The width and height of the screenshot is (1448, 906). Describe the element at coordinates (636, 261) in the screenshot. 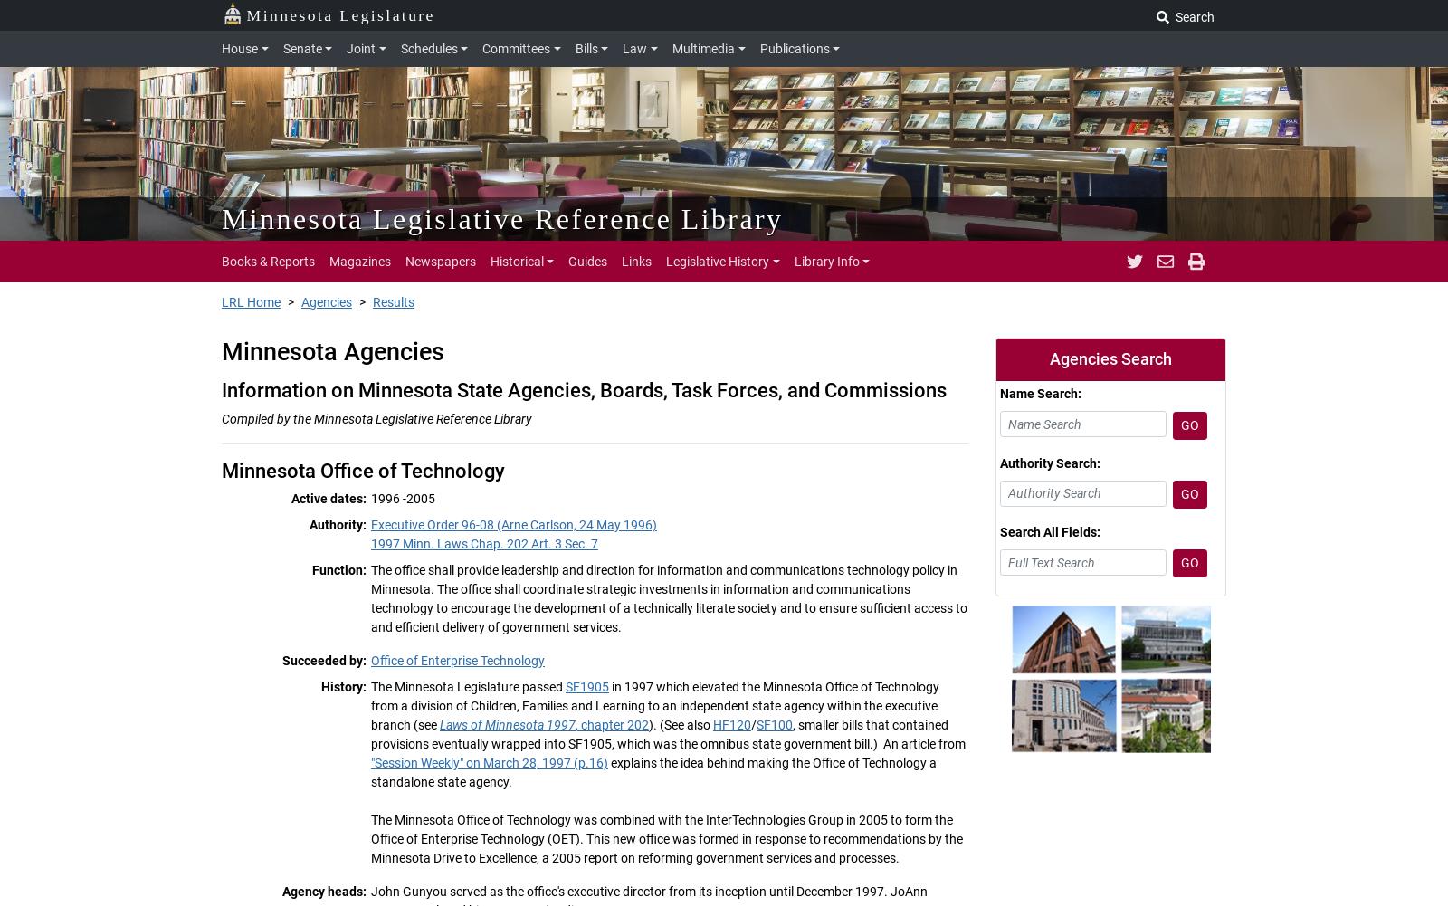

I see `'Links'` at that location.